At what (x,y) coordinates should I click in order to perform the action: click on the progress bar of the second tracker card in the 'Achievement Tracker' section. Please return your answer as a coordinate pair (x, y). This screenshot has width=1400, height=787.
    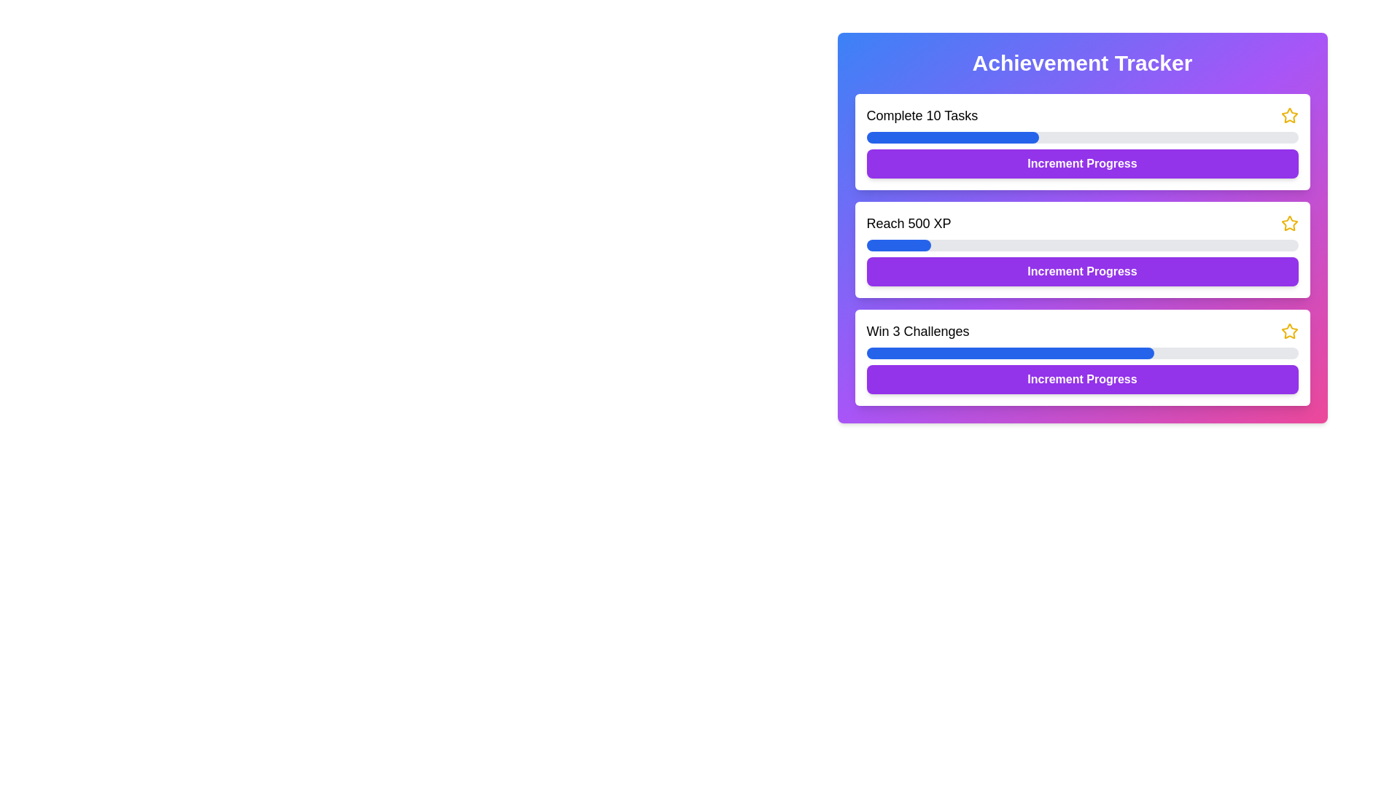
    Looking at the image, I should click on (1082, 249).